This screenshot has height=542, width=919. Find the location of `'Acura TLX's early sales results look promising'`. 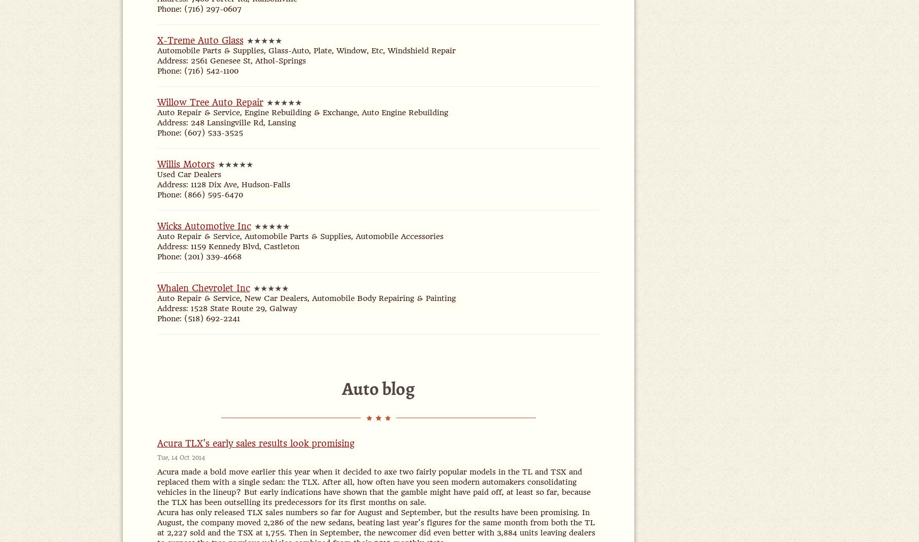

'Acura TLX's early sales results look promising' is located at coordinates (255, 443).